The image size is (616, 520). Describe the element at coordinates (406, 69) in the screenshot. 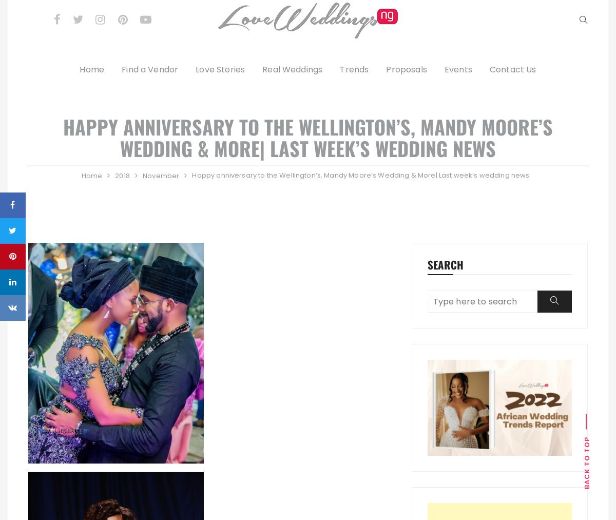

I see `'Proposals'` at that location.